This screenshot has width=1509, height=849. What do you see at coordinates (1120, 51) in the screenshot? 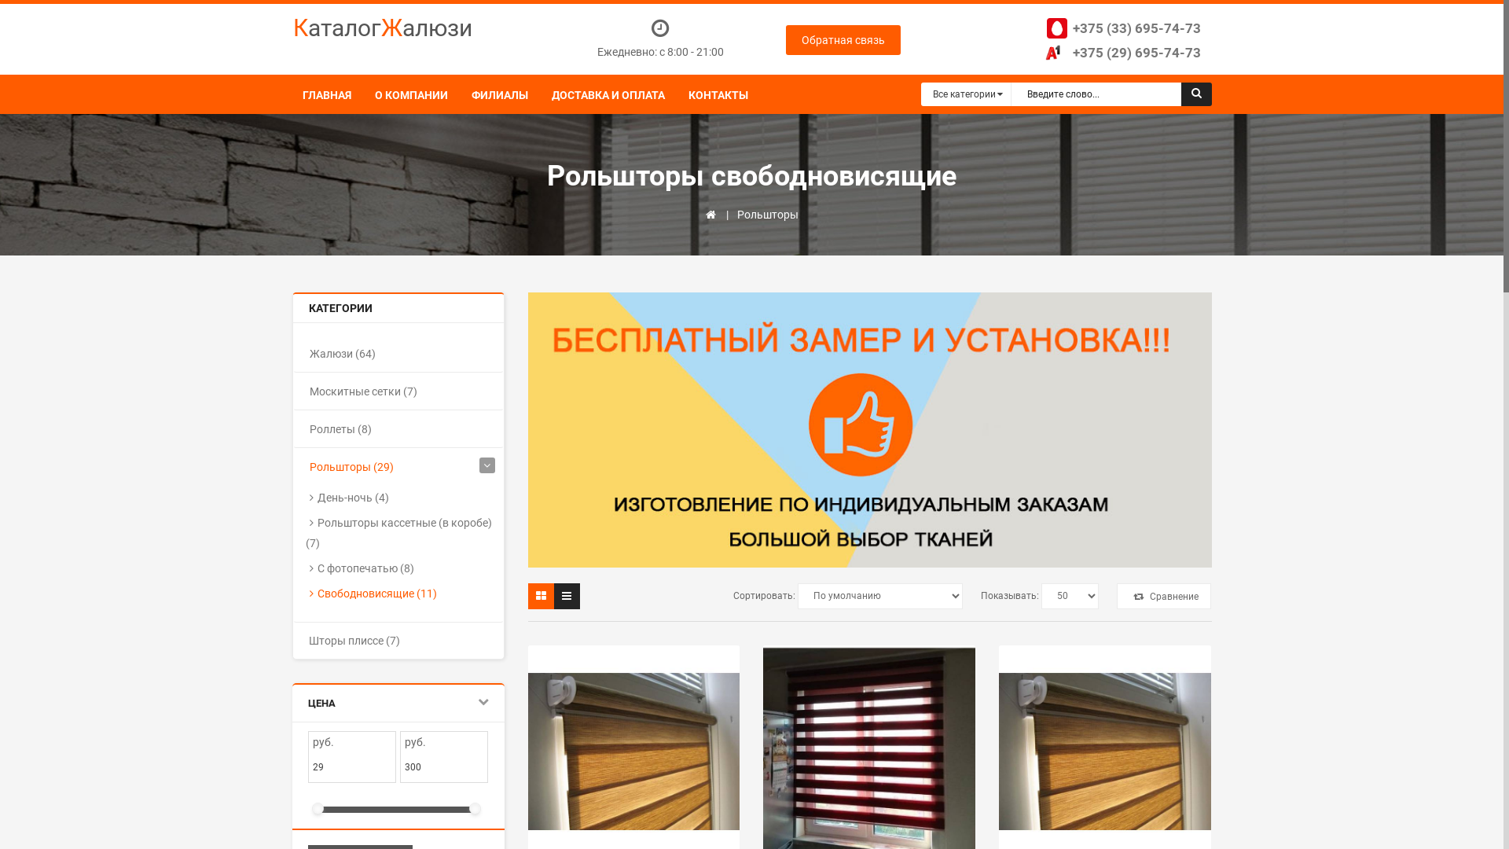
I see `'+375 (29) 695-74-73'` at bounding box center [1120, 51].